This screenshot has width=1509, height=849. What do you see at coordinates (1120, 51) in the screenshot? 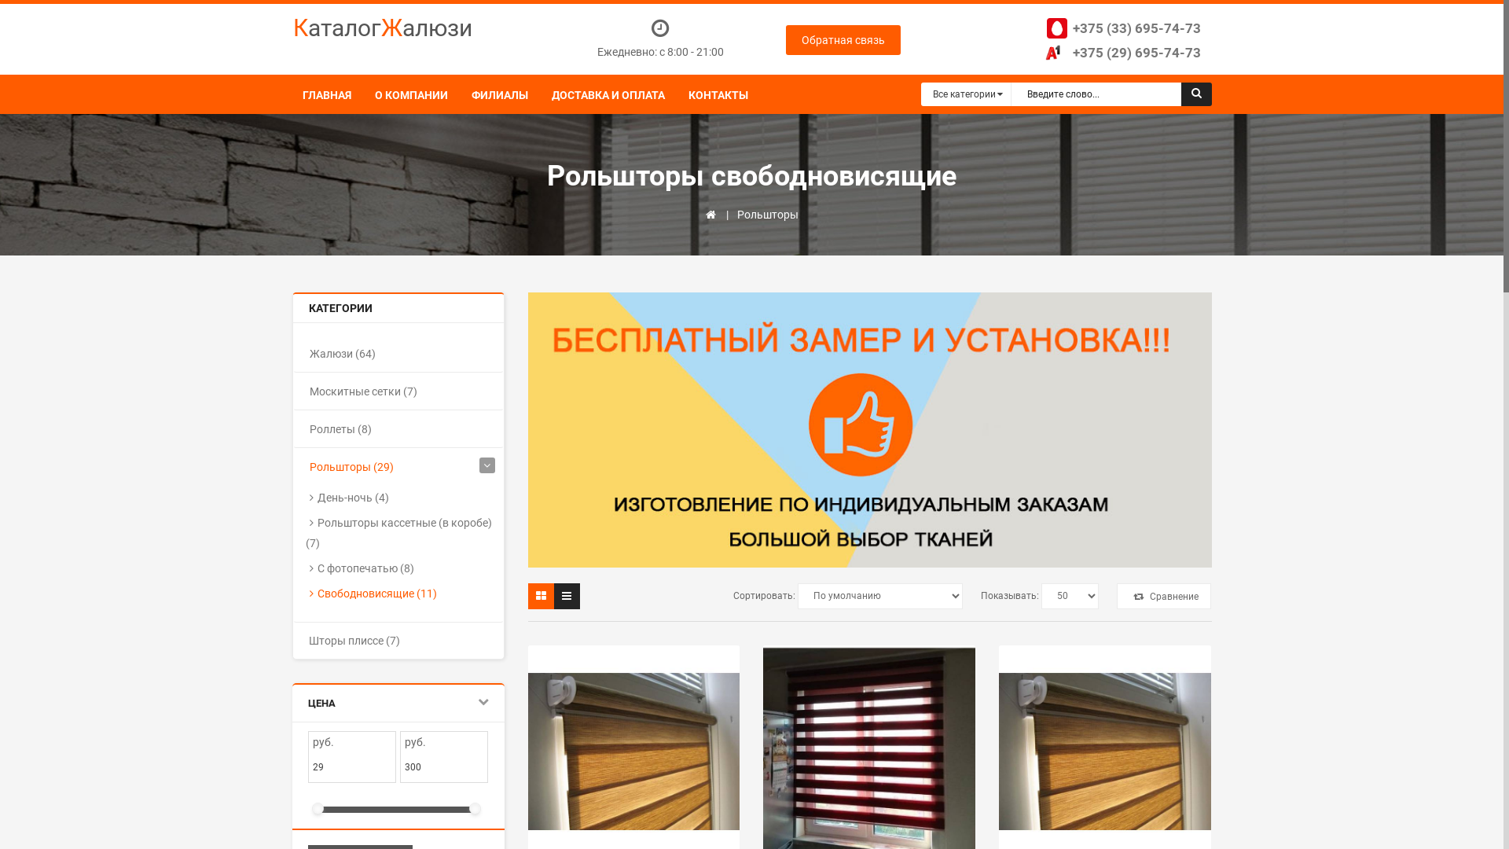
I see `'+375 (29) 695-74-73'` at bounding box center [1120, 51].